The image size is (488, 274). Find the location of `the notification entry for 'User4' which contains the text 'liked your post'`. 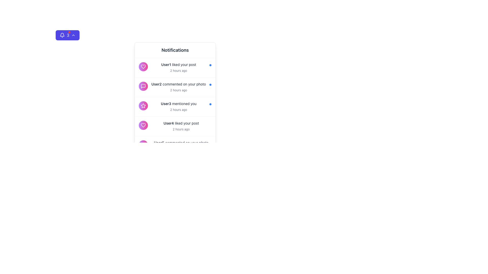

the notification entry for 'User4' which contains the text 'liked your post' is located at coordinates (175, 126).